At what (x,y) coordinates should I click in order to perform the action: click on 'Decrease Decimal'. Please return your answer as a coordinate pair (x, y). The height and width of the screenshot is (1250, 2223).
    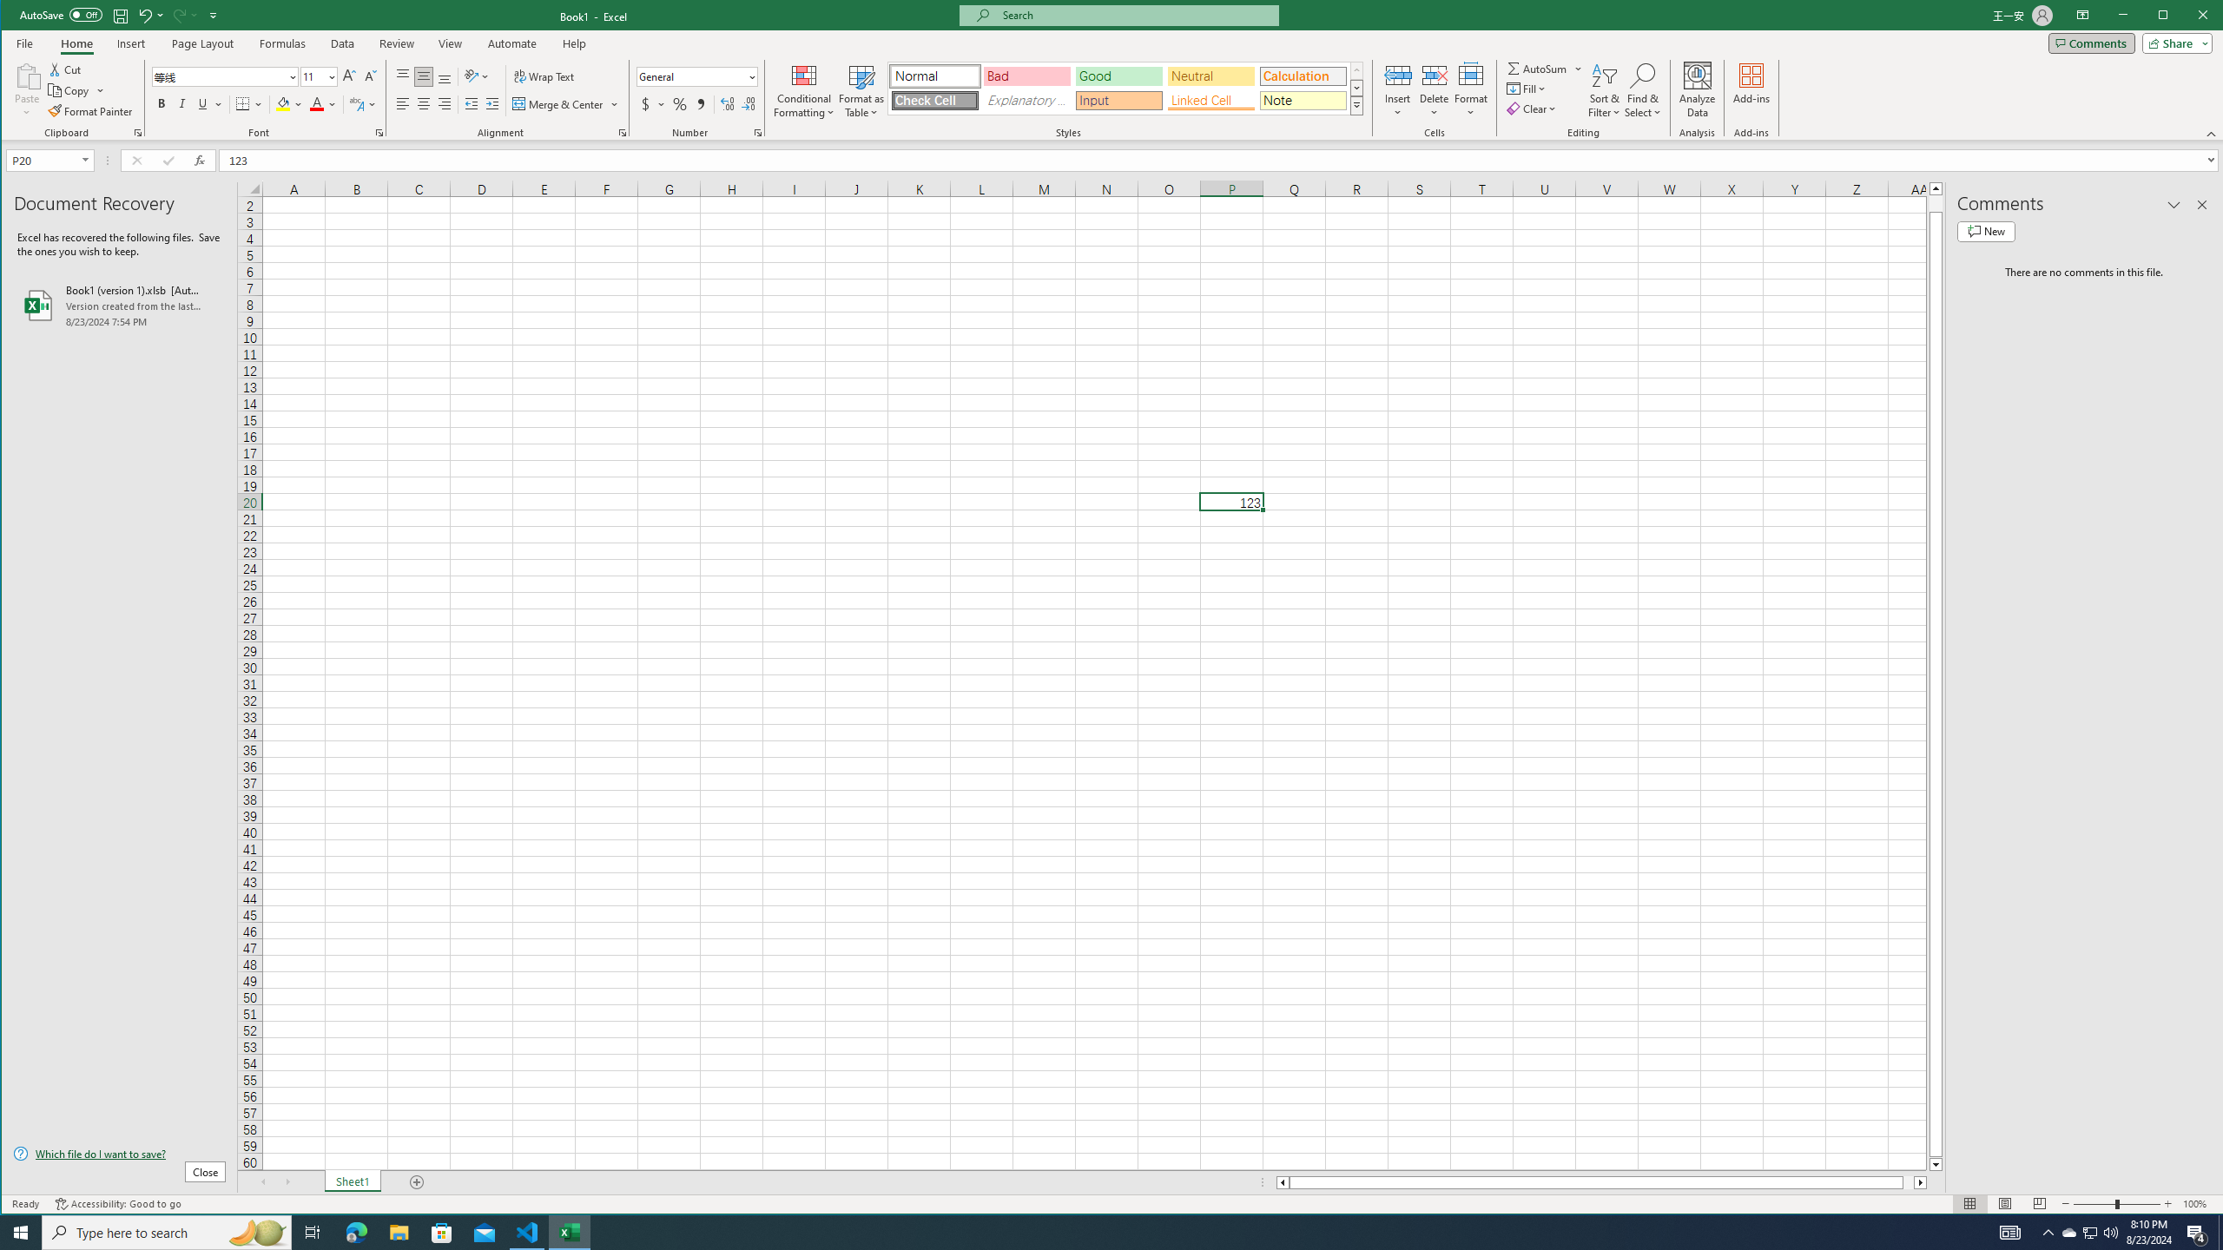
    Looking at the image, I should click on (747, 103).